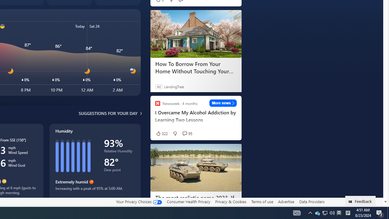 The image size is (389, 219). I want to click on 'Feedback', so click(360, 200).